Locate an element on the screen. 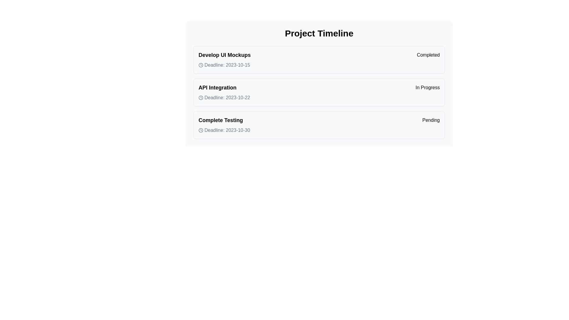 The height and width of the screenshot is (320, 569). the text label displaying 'Develop UI Mockups', which is the title of the first item in a timeline, located at the top of a list section is located at coordinates (224, 55).